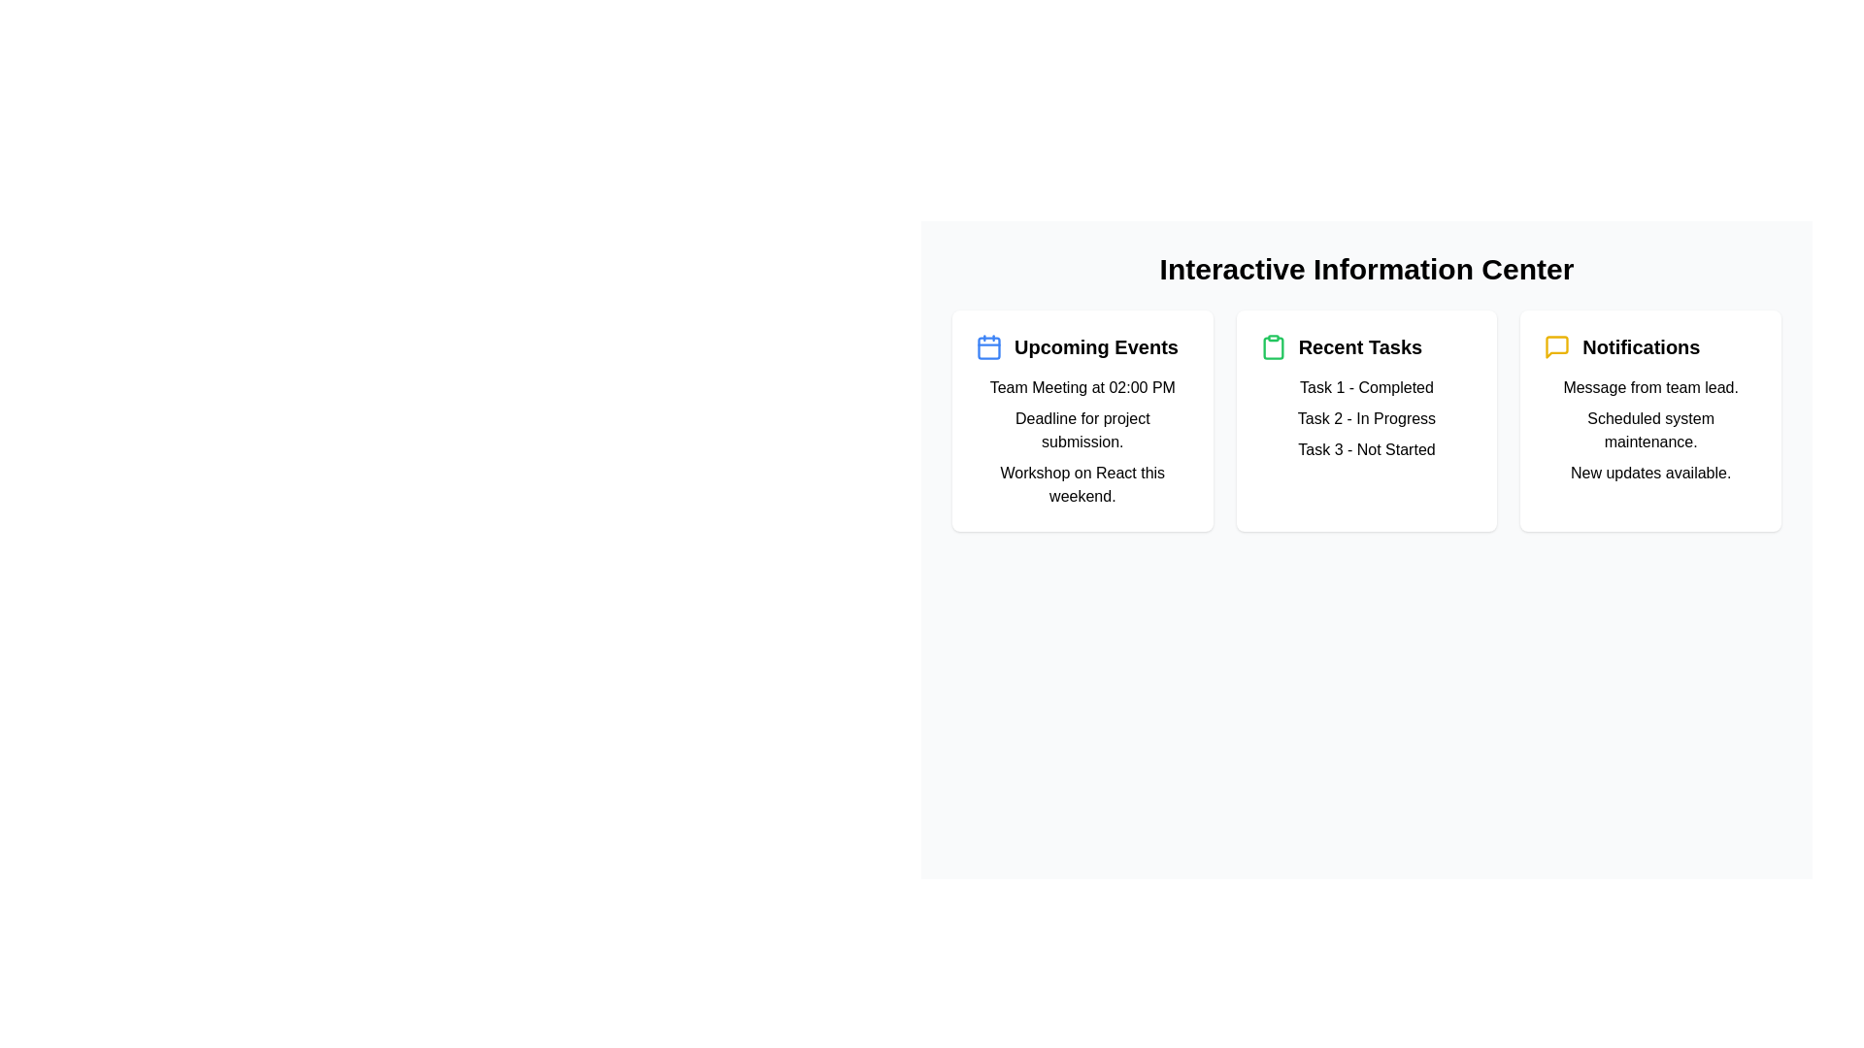 The height and width of the screenshot is (1048, 1864). I want to click on the text label displaying 'Task 1 - Completed', which is the first element in the 'Recent Tasks' list, so click(1365, 388).